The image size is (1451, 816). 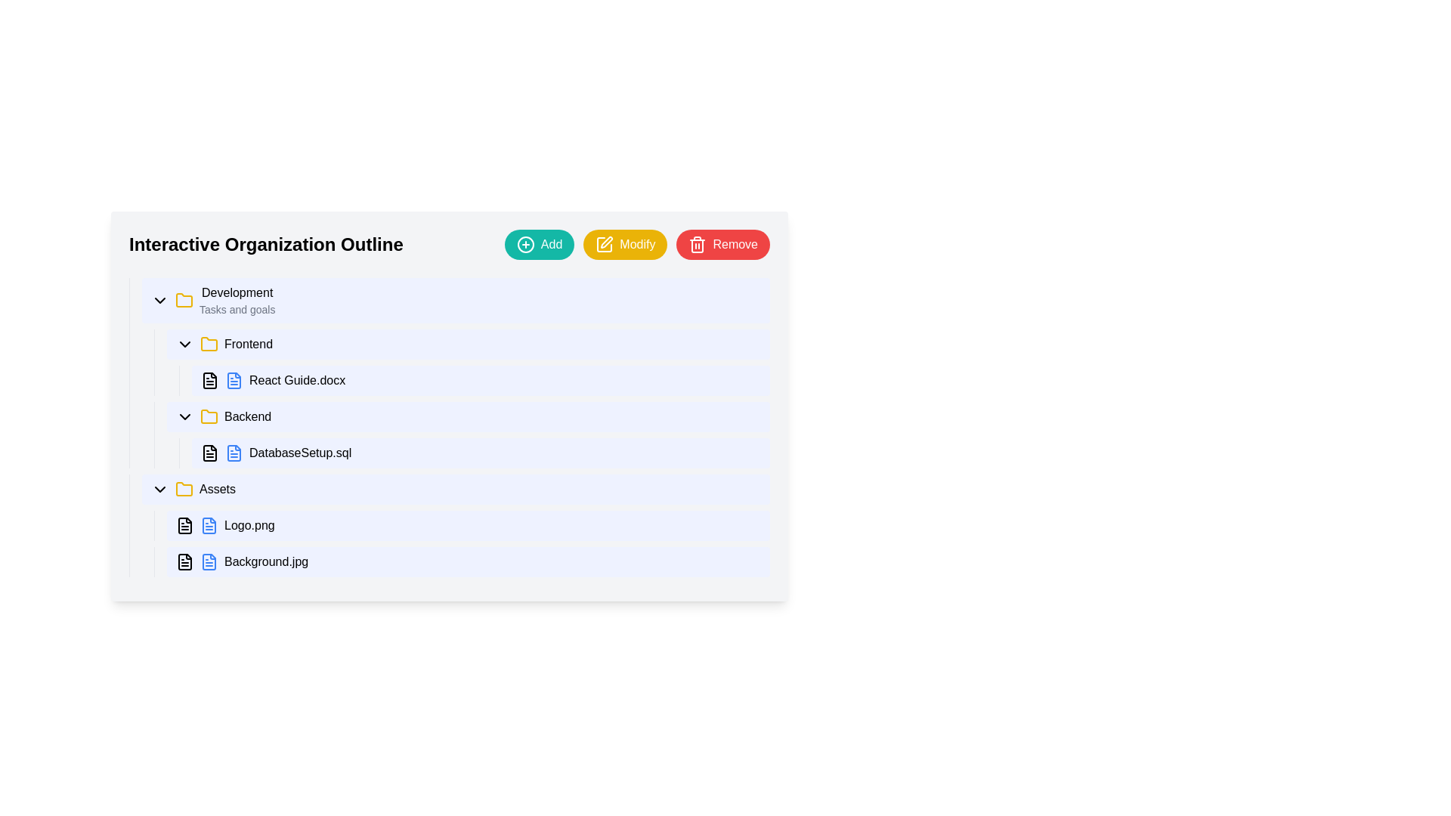 What do you see at coordinates (625, 244) in the screenshot?
I see `the modify button located between the 'Add' and 'Remove' buttons in the top-right corner of the interface` at bounding box center [625, 244].